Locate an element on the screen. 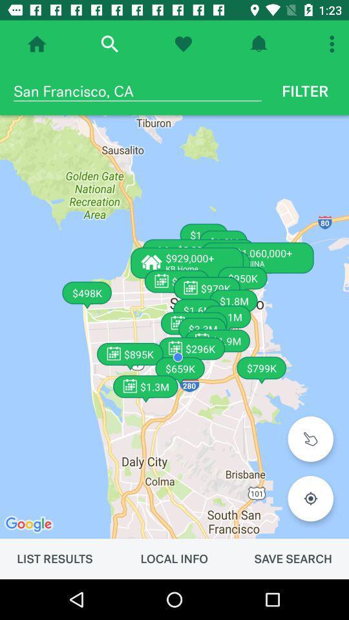 The width and height of the screenshot is (349, 620). like the picture is located at coordinates (182, 44).